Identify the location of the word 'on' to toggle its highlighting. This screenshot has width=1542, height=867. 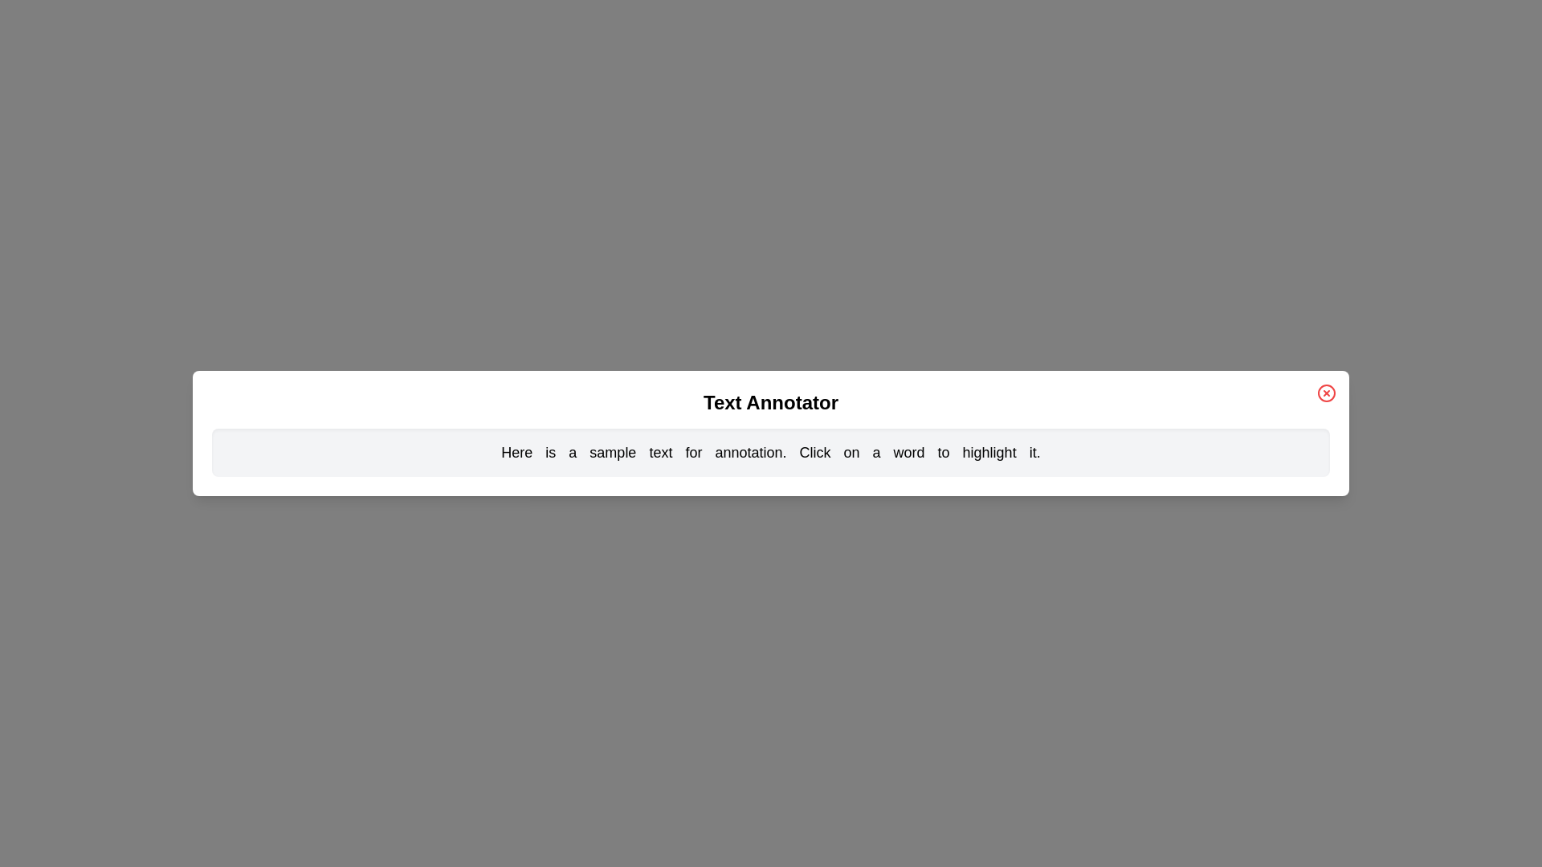
(851, 452).